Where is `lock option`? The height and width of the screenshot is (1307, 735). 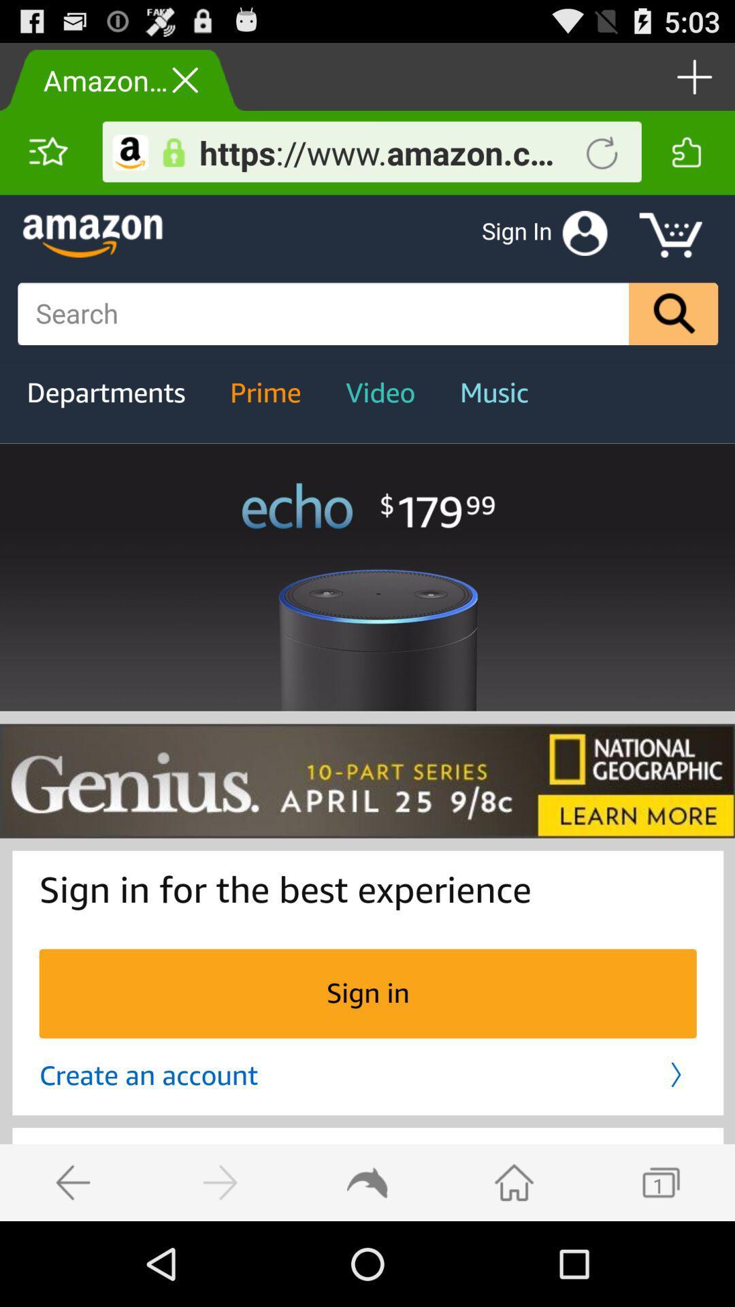
lock option is located at coordinates (173, 152).